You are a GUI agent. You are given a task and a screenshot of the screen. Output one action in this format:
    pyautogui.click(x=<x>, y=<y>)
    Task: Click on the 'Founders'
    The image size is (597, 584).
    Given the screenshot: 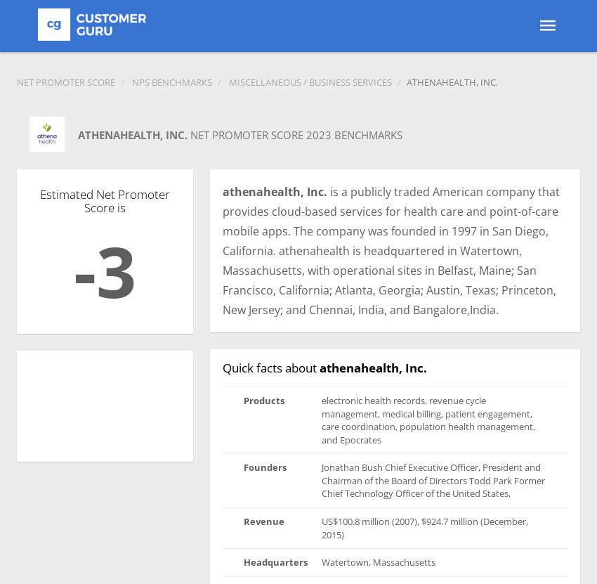 What is the action you would take?
    pyautogui.click(x=242, y=467)
    